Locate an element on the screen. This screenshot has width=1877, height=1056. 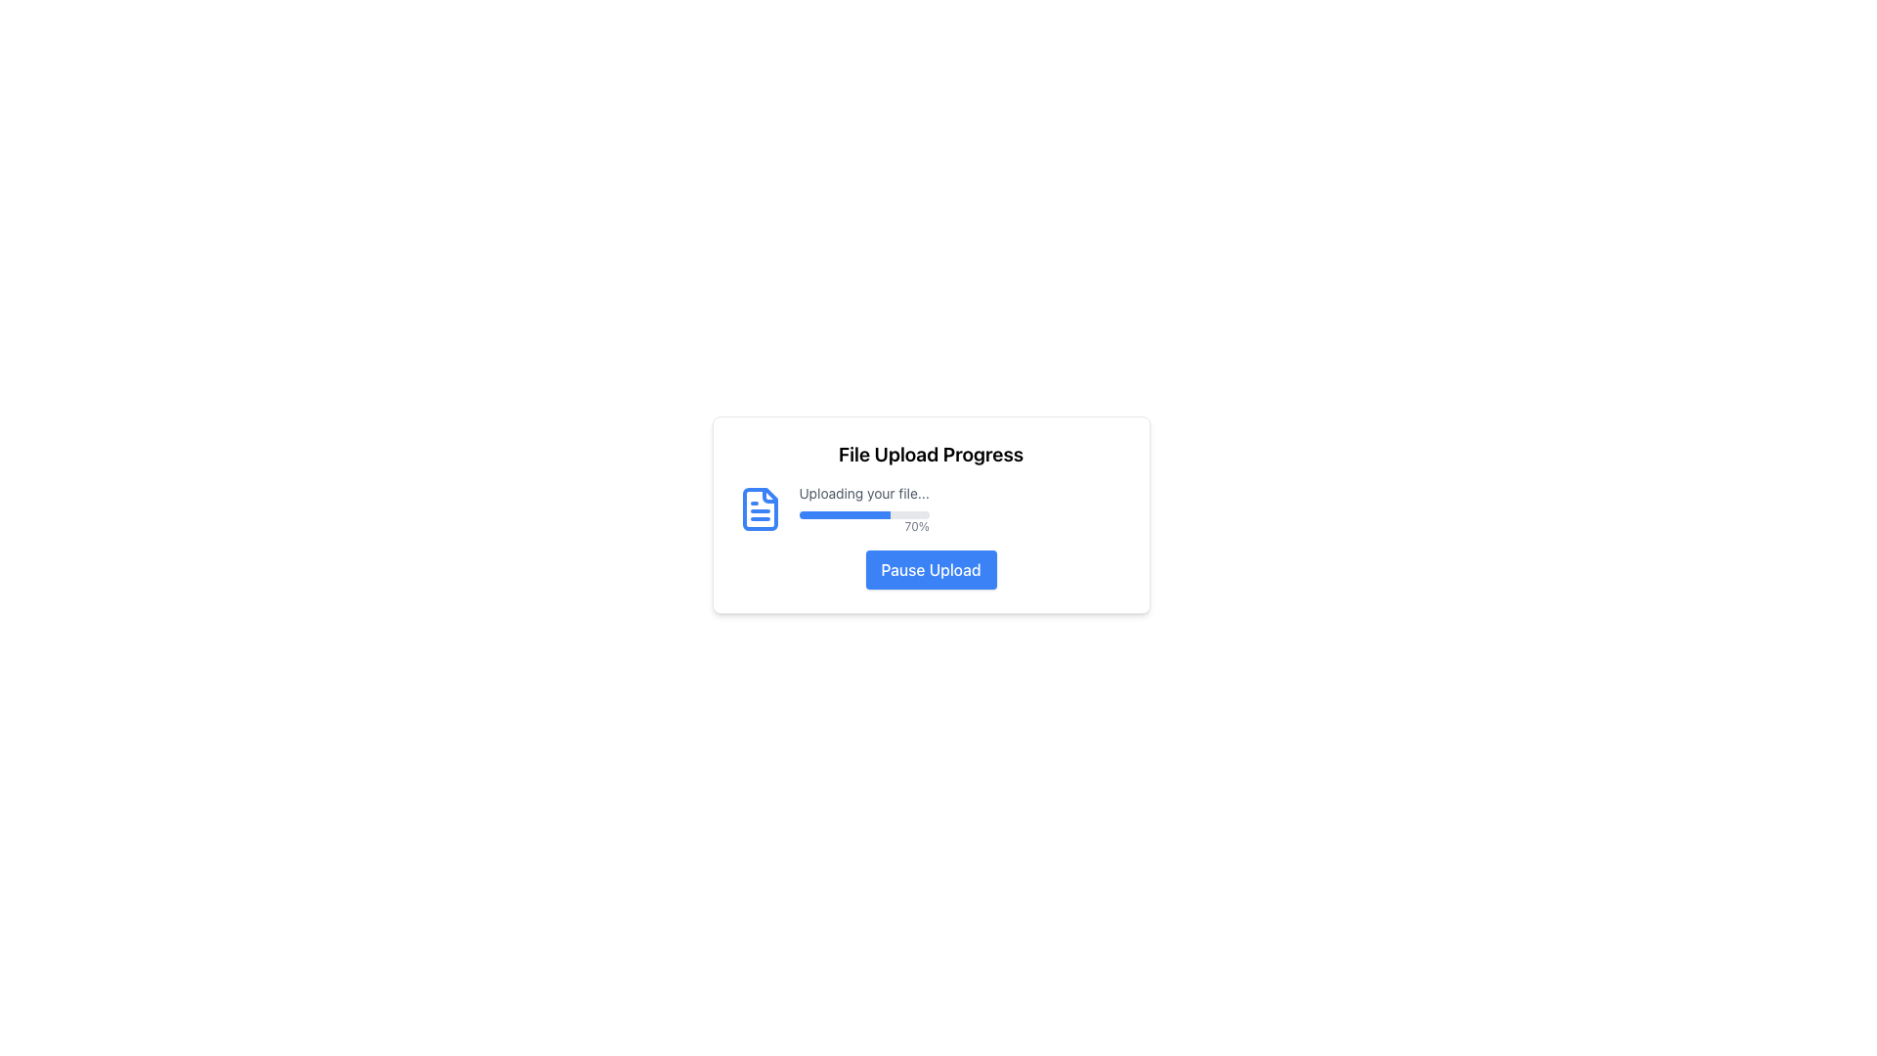
the progress bar displaying 'Uploading your file...' in the modal dialog labeled 'File Upload Progress' for real-time updates is located at coordinates (863, 507).